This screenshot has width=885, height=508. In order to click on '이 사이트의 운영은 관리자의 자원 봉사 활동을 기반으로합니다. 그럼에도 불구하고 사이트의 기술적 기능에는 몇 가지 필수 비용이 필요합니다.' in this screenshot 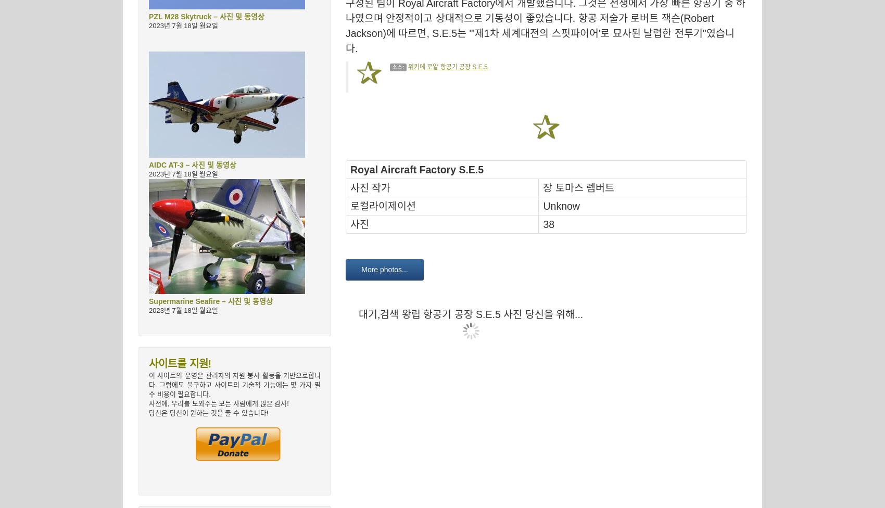, I will do `click(235, 385)`.